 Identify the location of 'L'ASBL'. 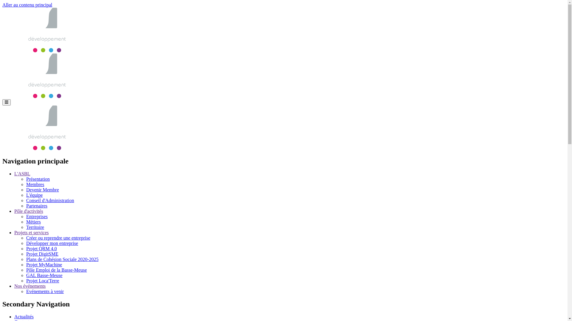
(22, 174).